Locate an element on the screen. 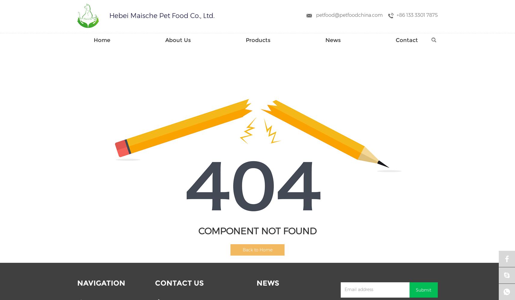  'Contact Us' is located at coordinates (155, 283).